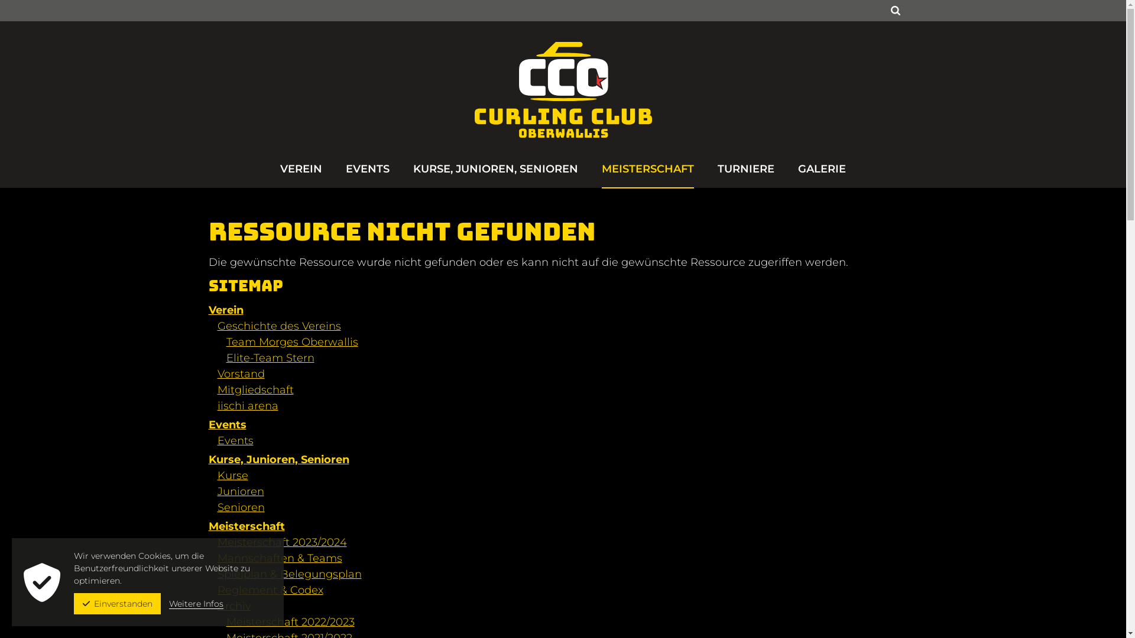 The width and height of the screenshot is (1135, 638). What do you see at coordinates (281, 542) in the screenshot?
I see `'Meisterschaft 2023/2024'` at bounding box center [281, 542].